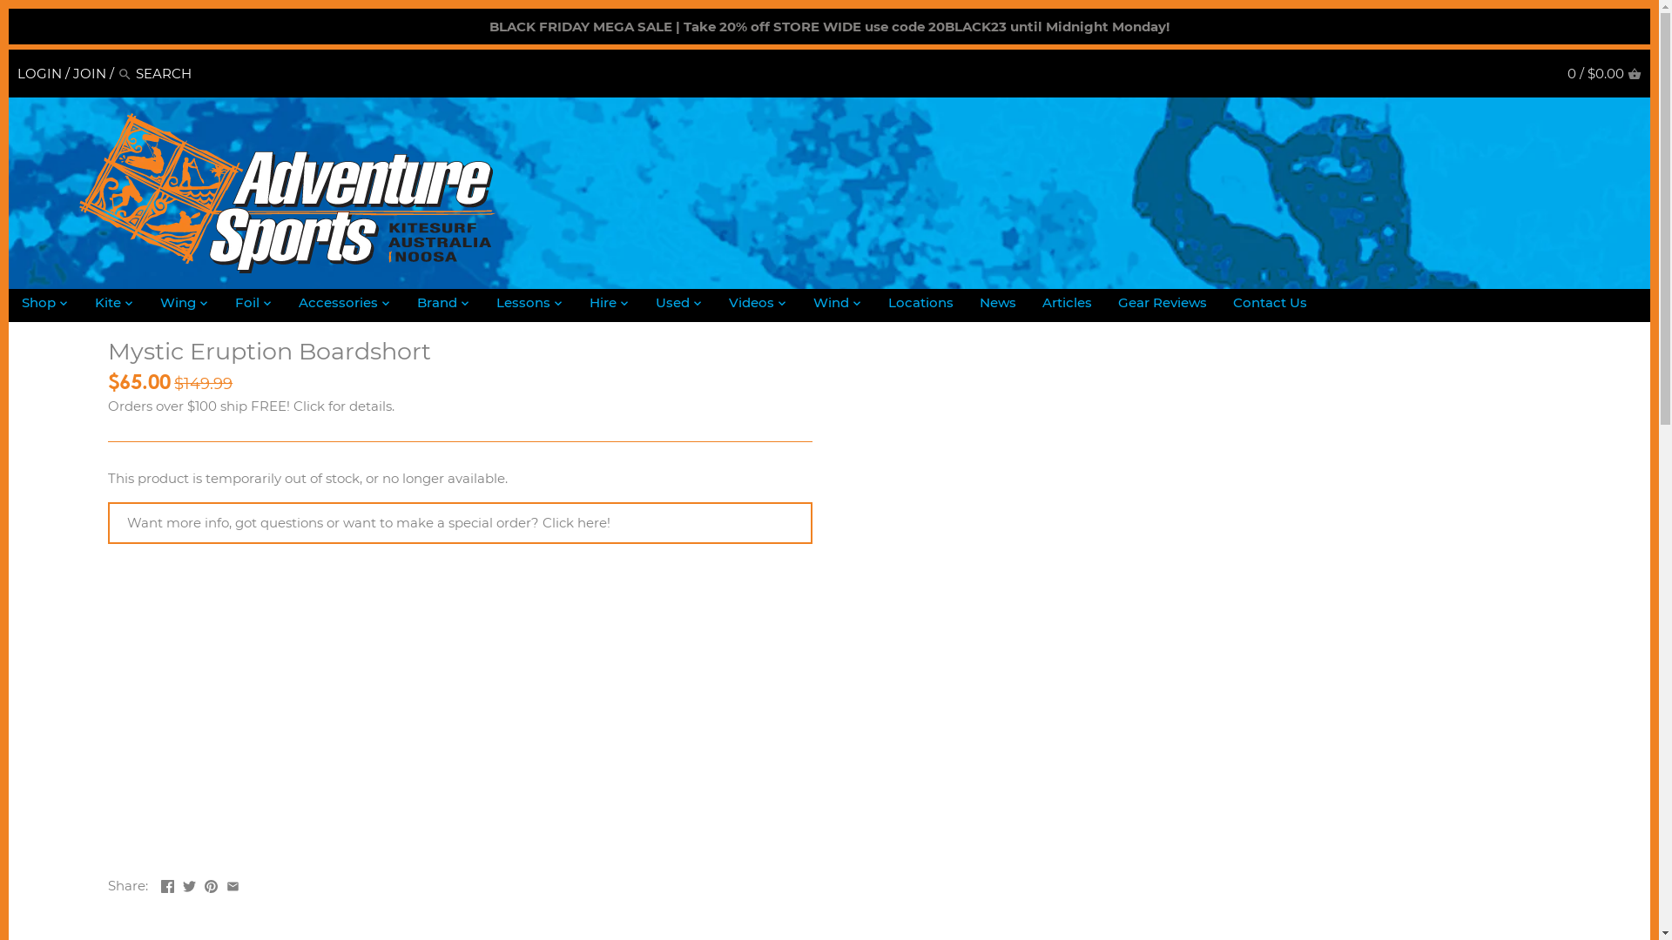 The image size is (1672, 940). I want to click on 'Lessons', so click(522, 305).